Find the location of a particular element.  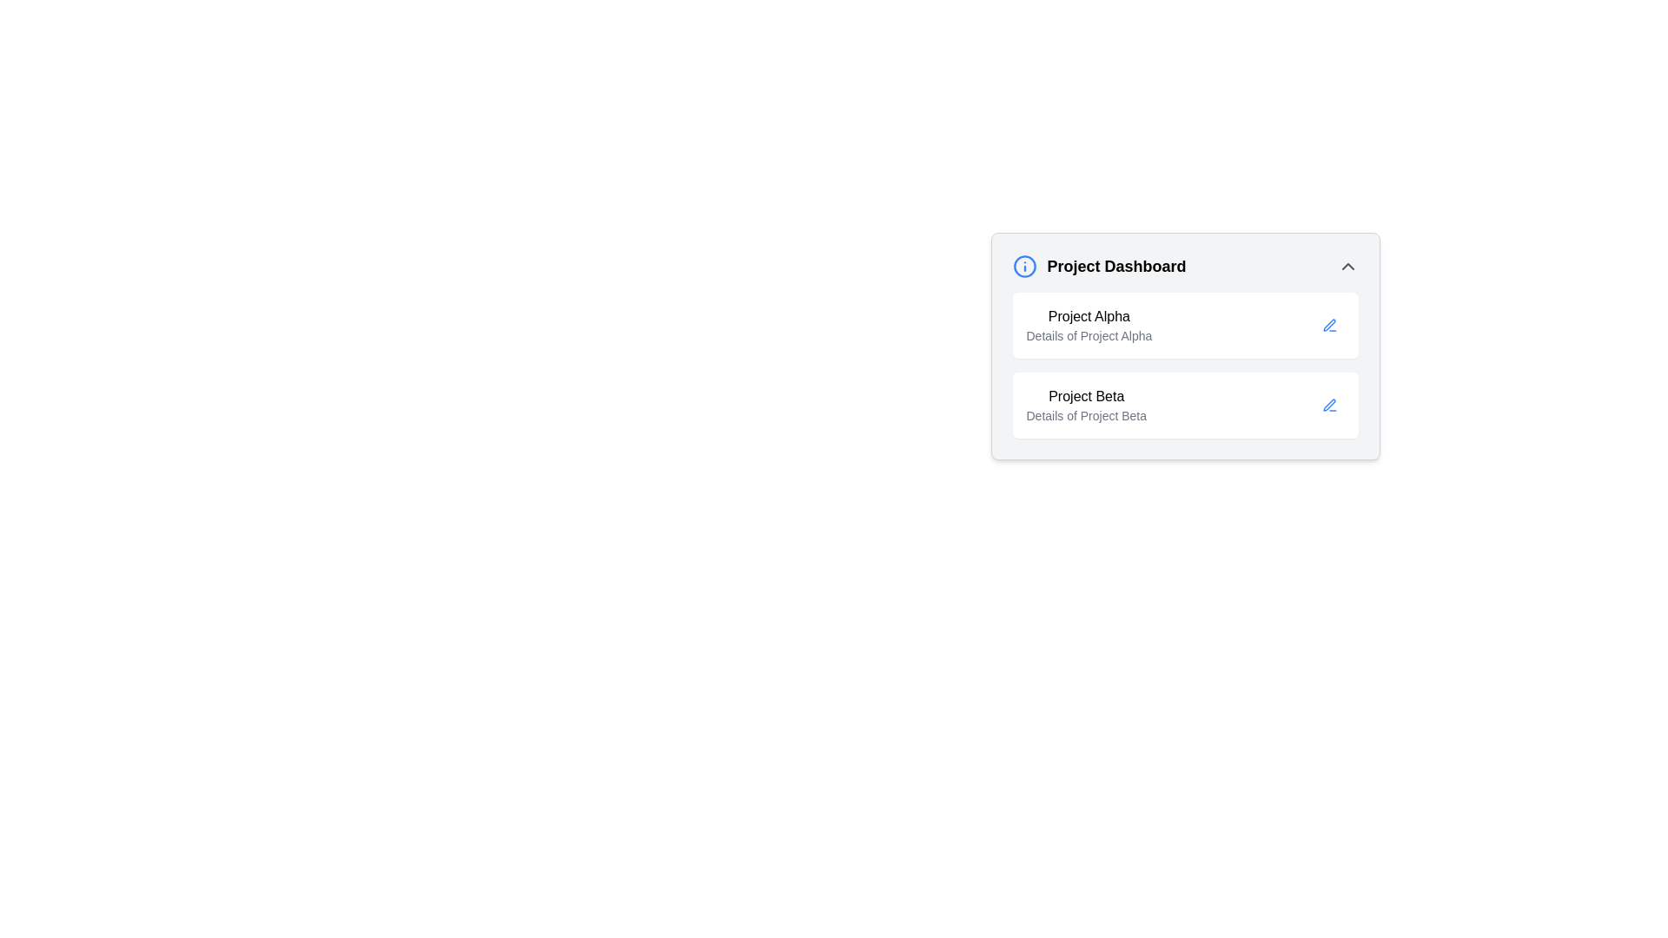

the 'Project Dashboard' title bar located at the top of the project card section is located at coordinates (1184, 267).